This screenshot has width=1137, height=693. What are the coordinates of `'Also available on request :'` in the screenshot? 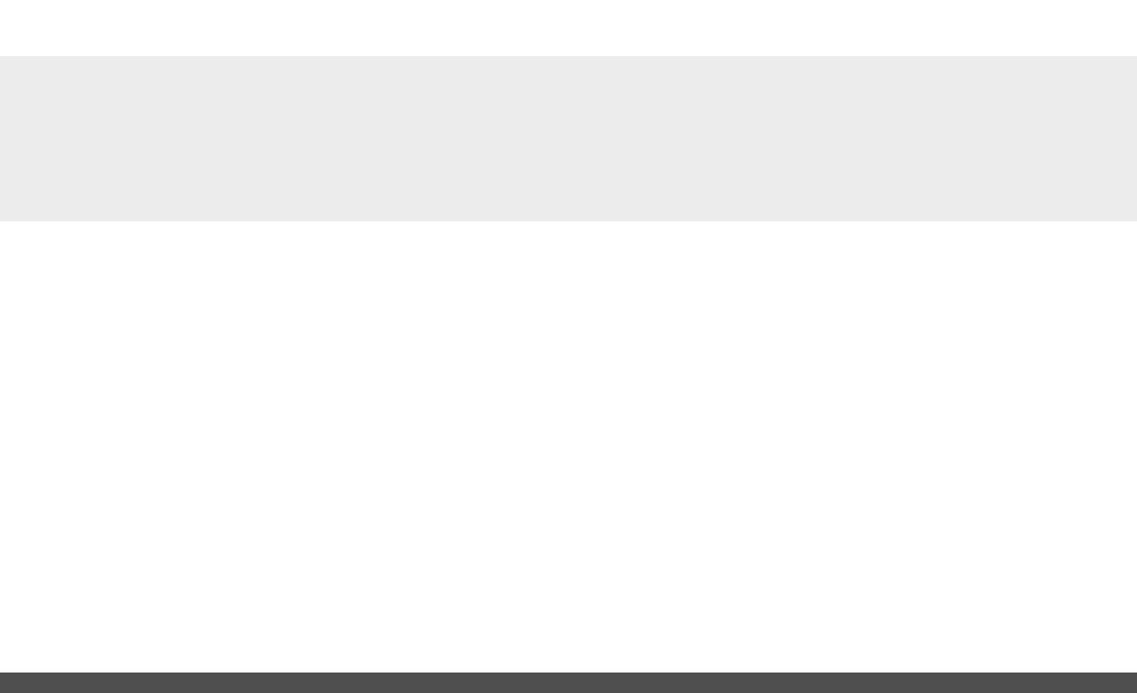 It's located at (221, 563).